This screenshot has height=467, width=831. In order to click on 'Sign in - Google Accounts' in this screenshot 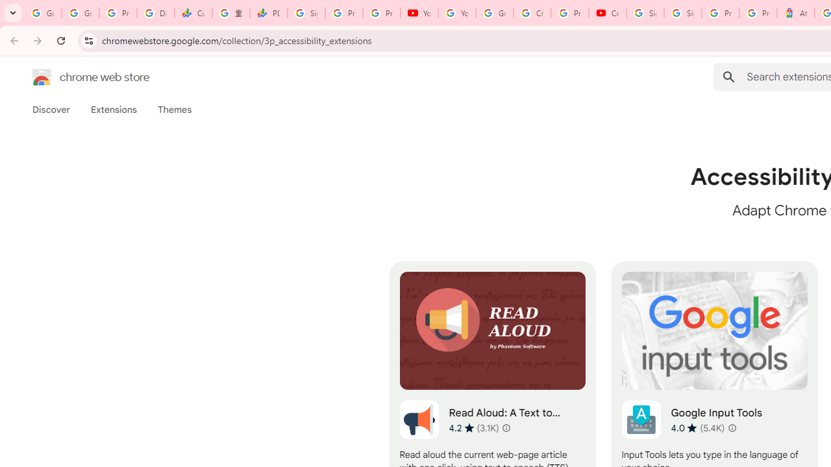, I will do `click(645, 13)`.